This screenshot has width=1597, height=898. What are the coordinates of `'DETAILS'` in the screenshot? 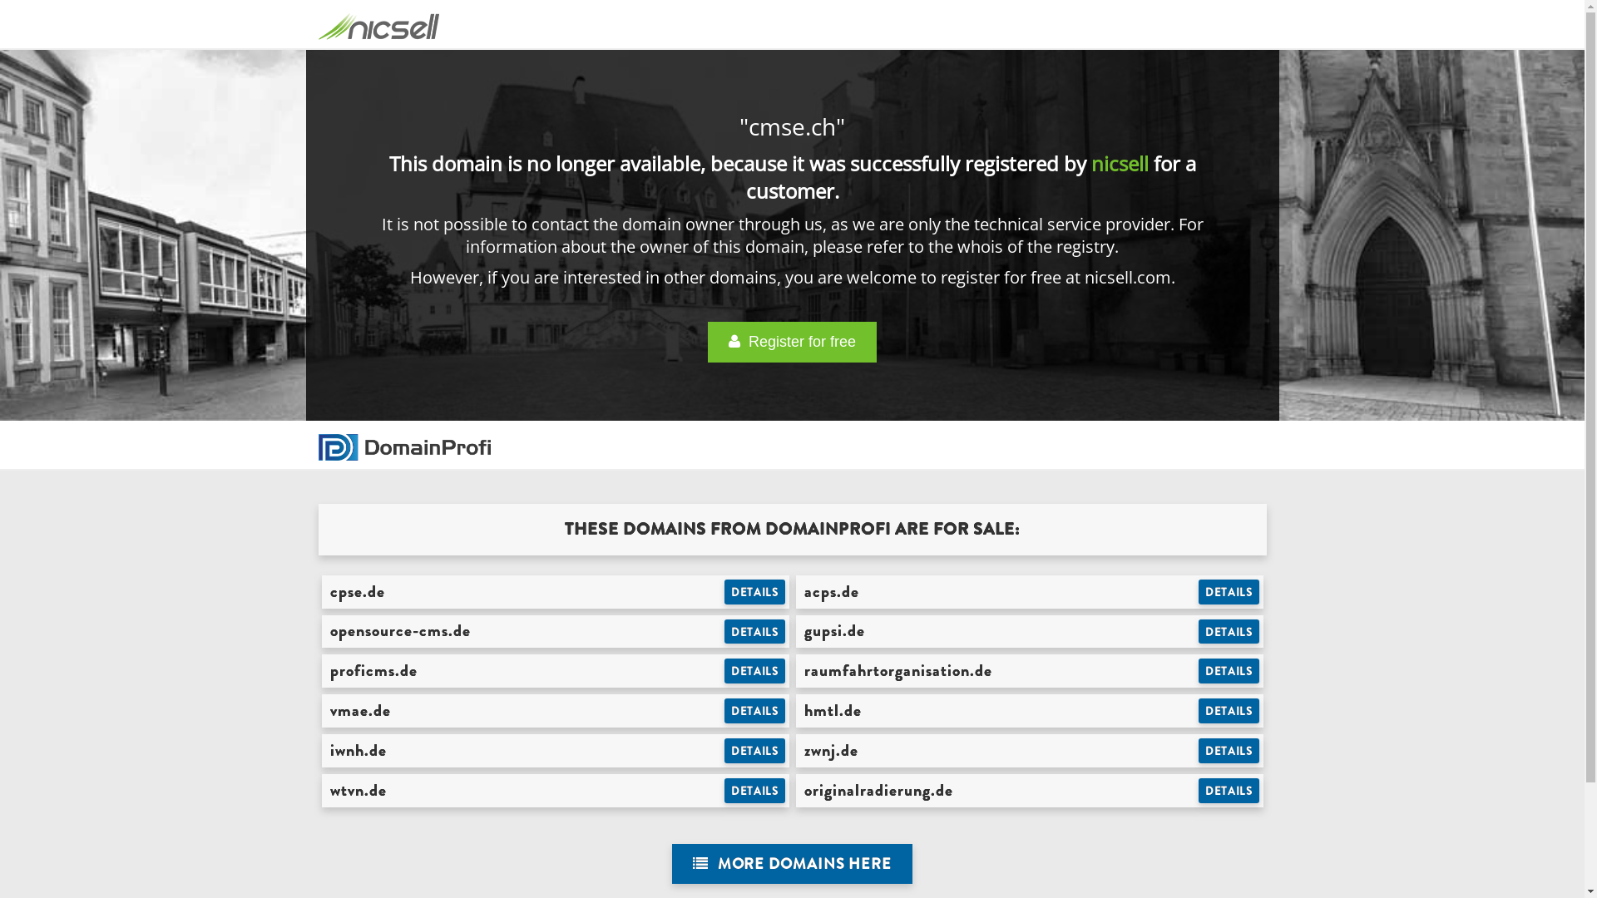 It's located at (754, 711).